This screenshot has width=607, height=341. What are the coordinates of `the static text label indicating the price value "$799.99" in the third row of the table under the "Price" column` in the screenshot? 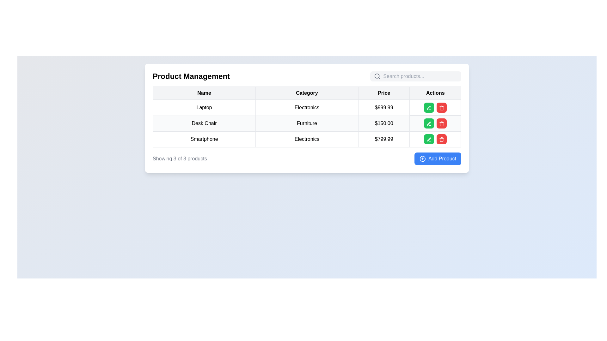 It's located at (383, 139).